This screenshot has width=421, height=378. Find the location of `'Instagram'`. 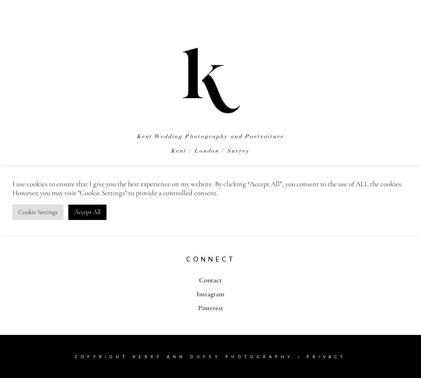

'Instagram' is located at coordinates (210, 293).